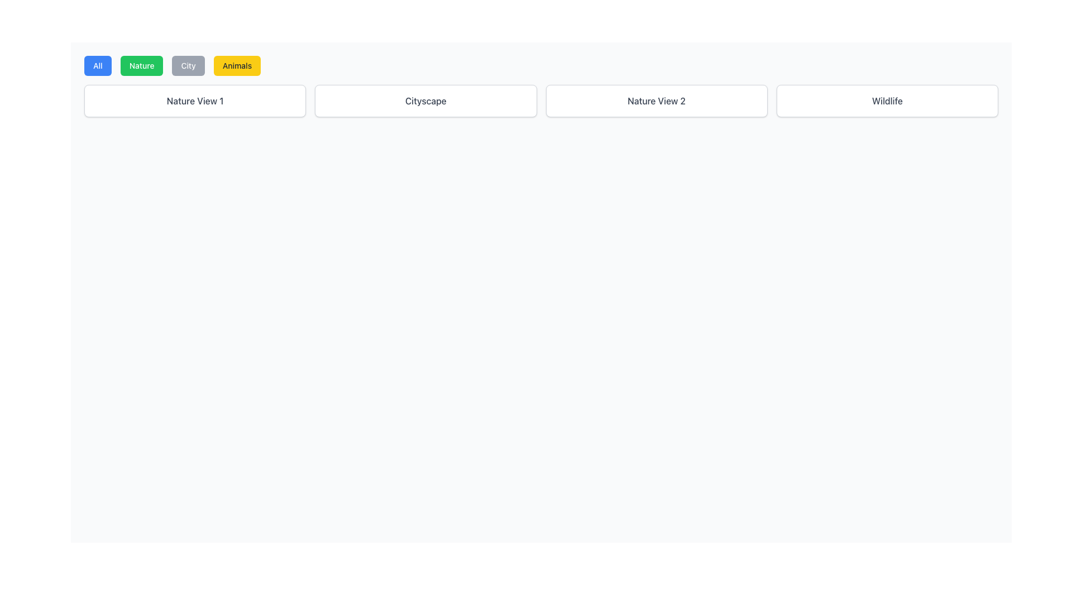 The image size is (1072, 603). What do you see at coordinates (188, 66) in the screenshot?
I see `the gray rounded button labeled 'City'` at bounding box center [188, 66].